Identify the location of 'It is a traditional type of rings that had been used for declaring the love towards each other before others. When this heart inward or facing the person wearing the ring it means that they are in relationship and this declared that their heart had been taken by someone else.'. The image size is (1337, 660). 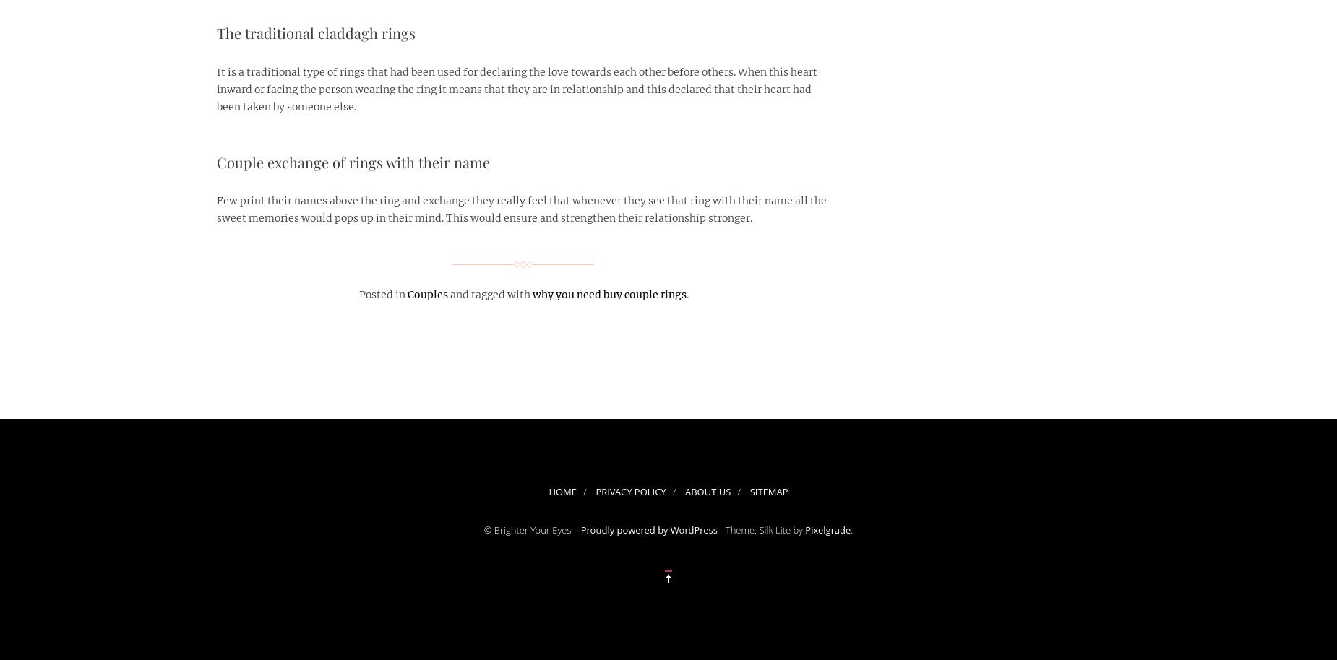
(516, 89).